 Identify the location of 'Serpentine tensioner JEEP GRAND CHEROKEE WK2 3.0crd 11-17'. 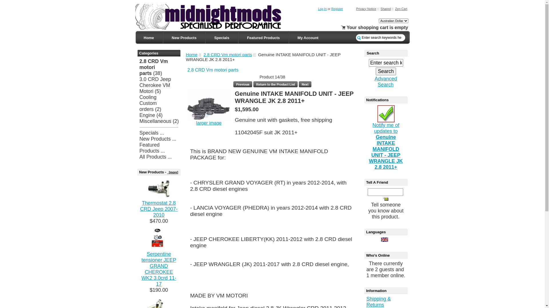
(159, 269).